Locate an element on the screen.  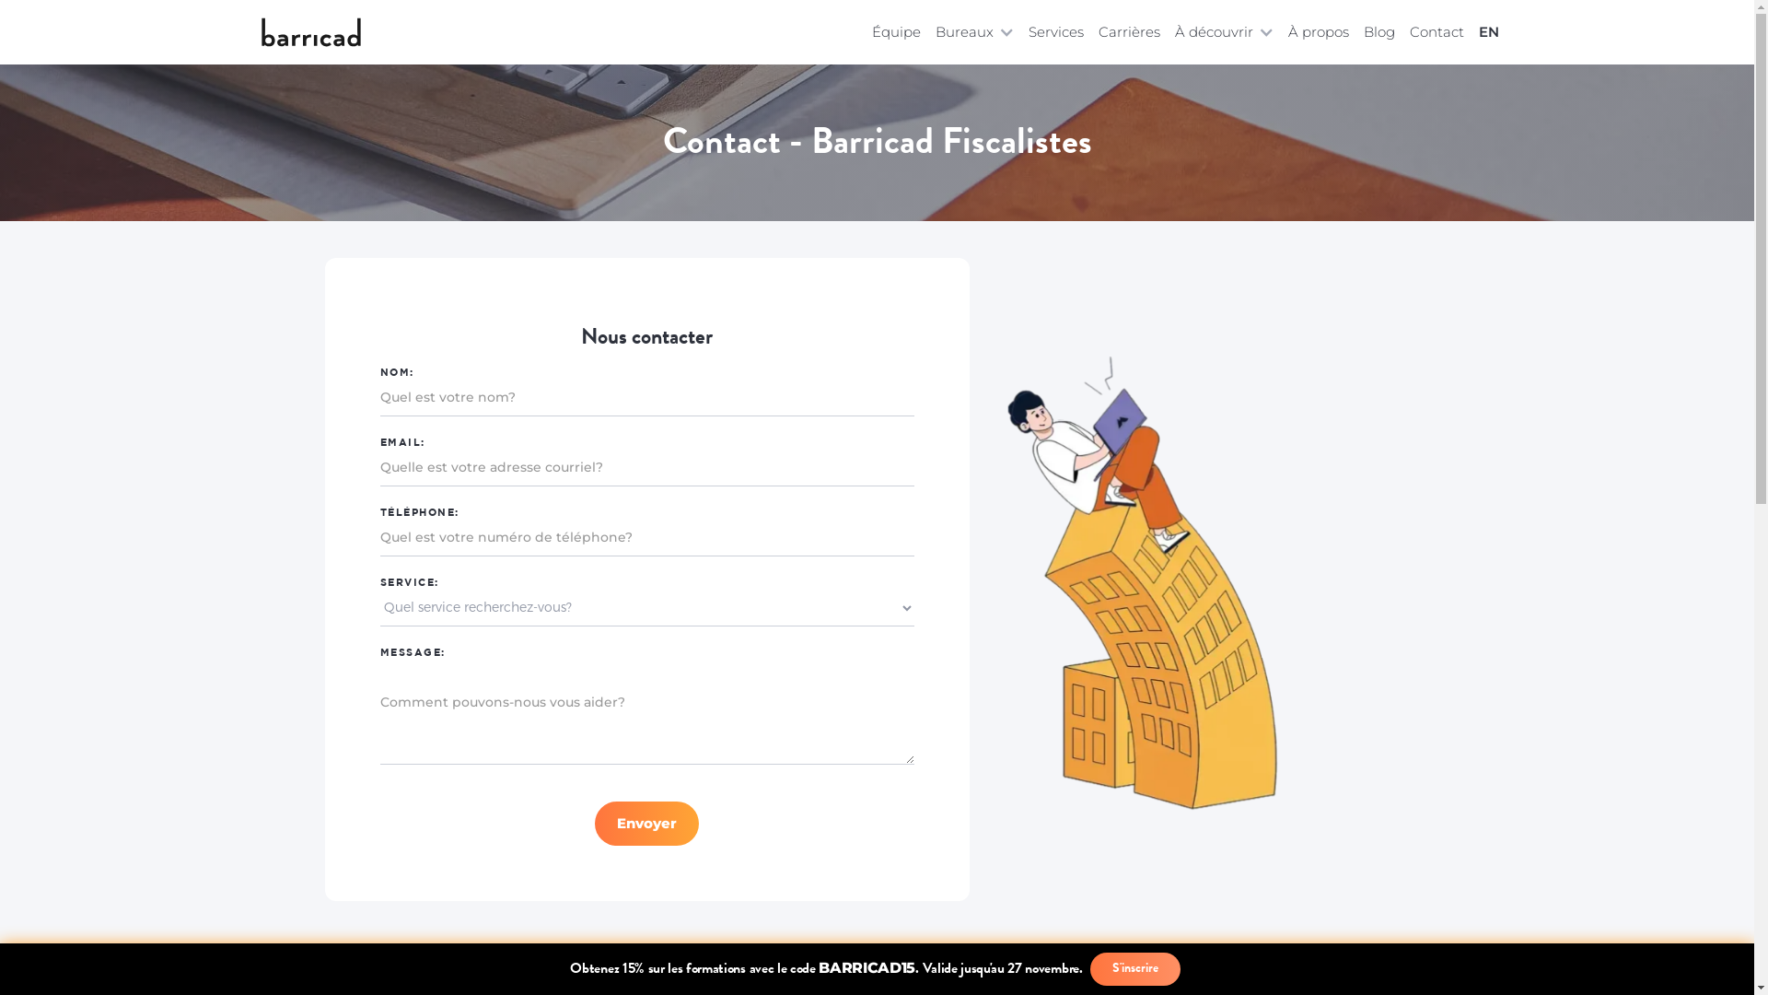
'S'inscrire' is located at coordinates (1134, 968).